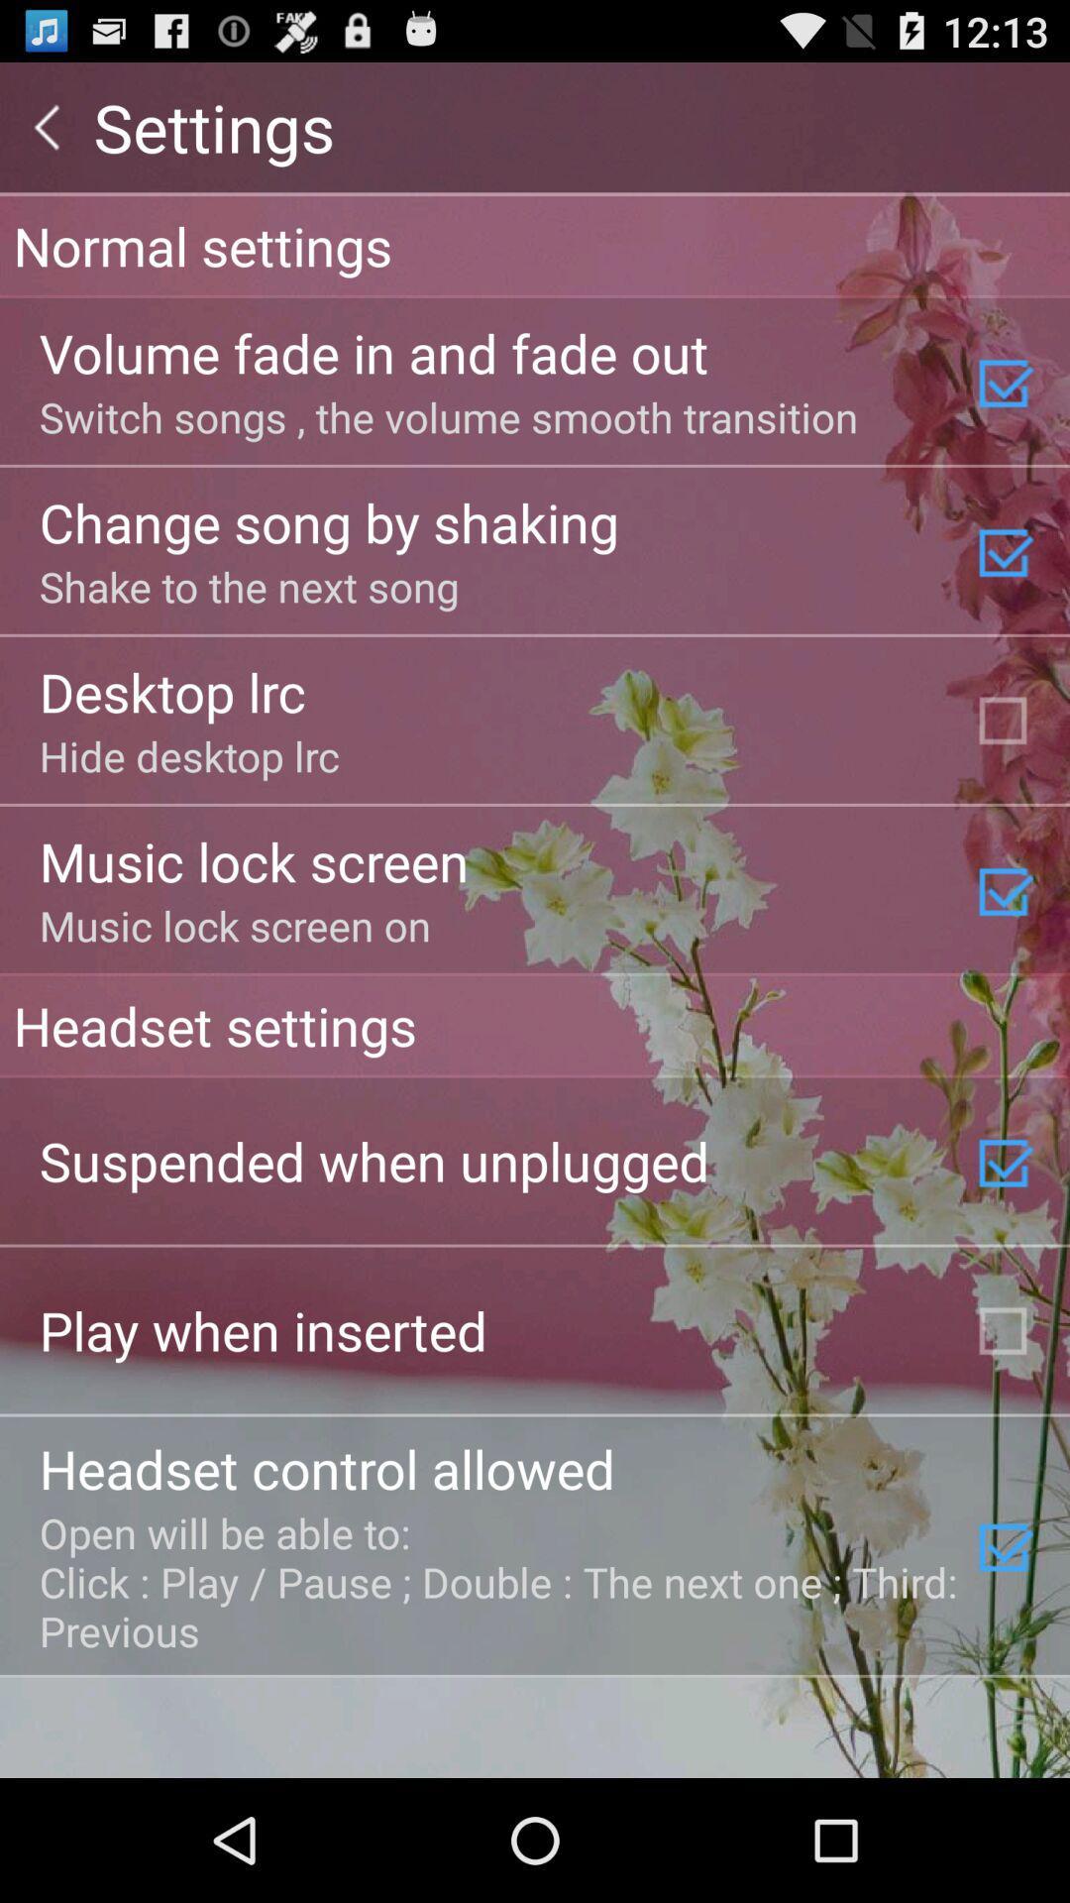 This screenshot has height=1903, width=1070. What do you see at coordinates (448, 415) in the screenshot?
I see `the switch songs the item` at bounding box center [448, 415].